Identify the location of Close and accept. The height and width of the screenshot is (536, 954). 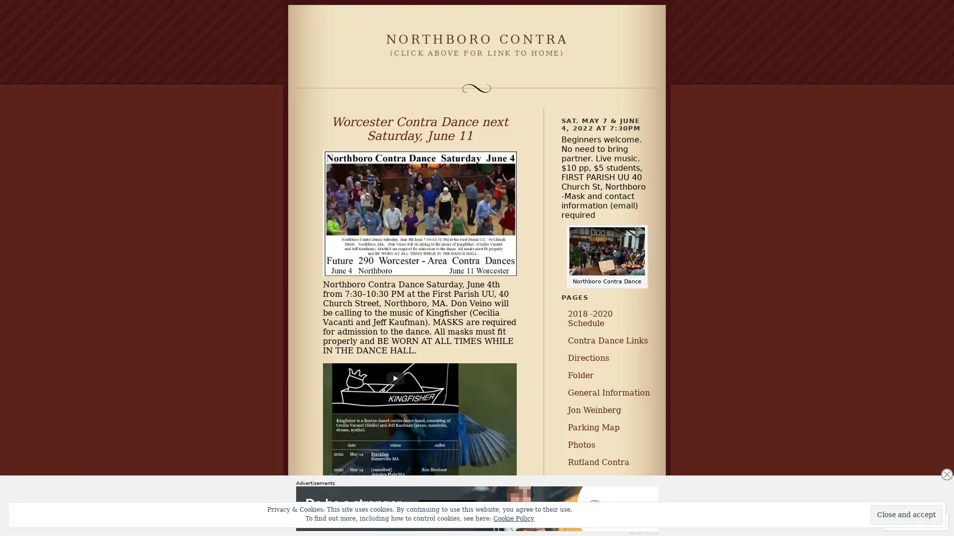
(906, 514).